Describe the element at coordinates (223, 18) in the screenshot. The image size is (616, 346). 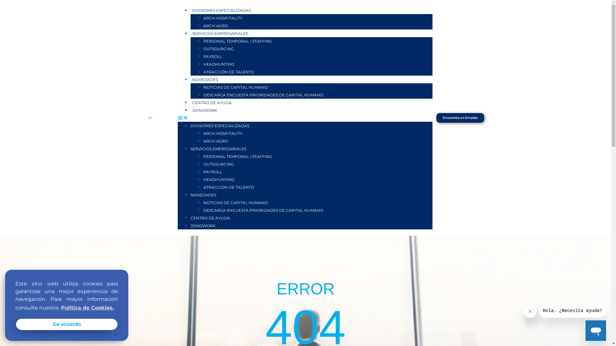
I see `'ARCH HOSPITALITY'` at that location.